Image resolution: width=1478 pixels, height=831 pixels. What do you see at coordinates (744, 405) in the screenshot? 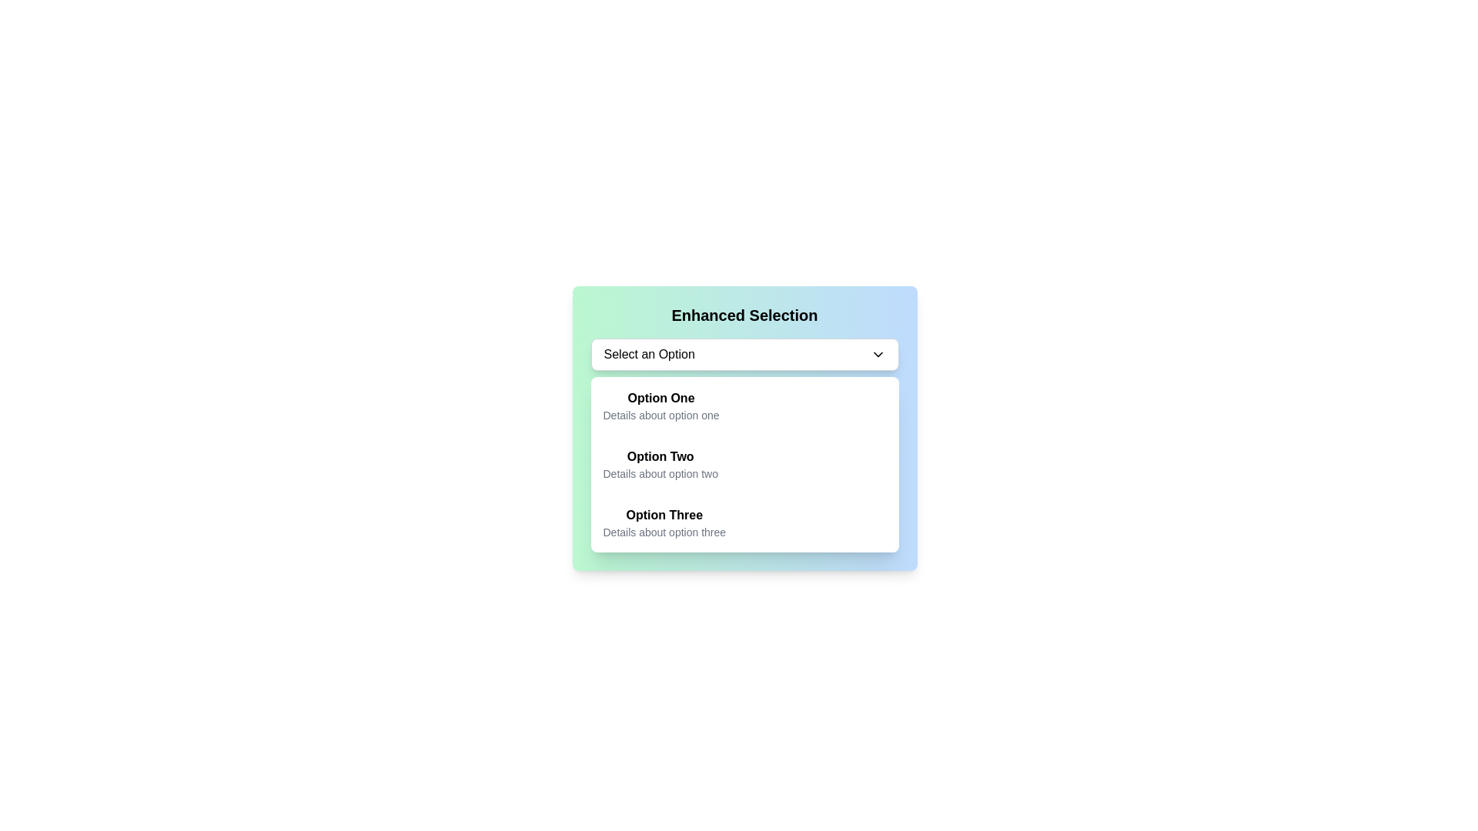
I see `the first item 'Option One' in the dropdown menu` at bounding box center [744, 405].